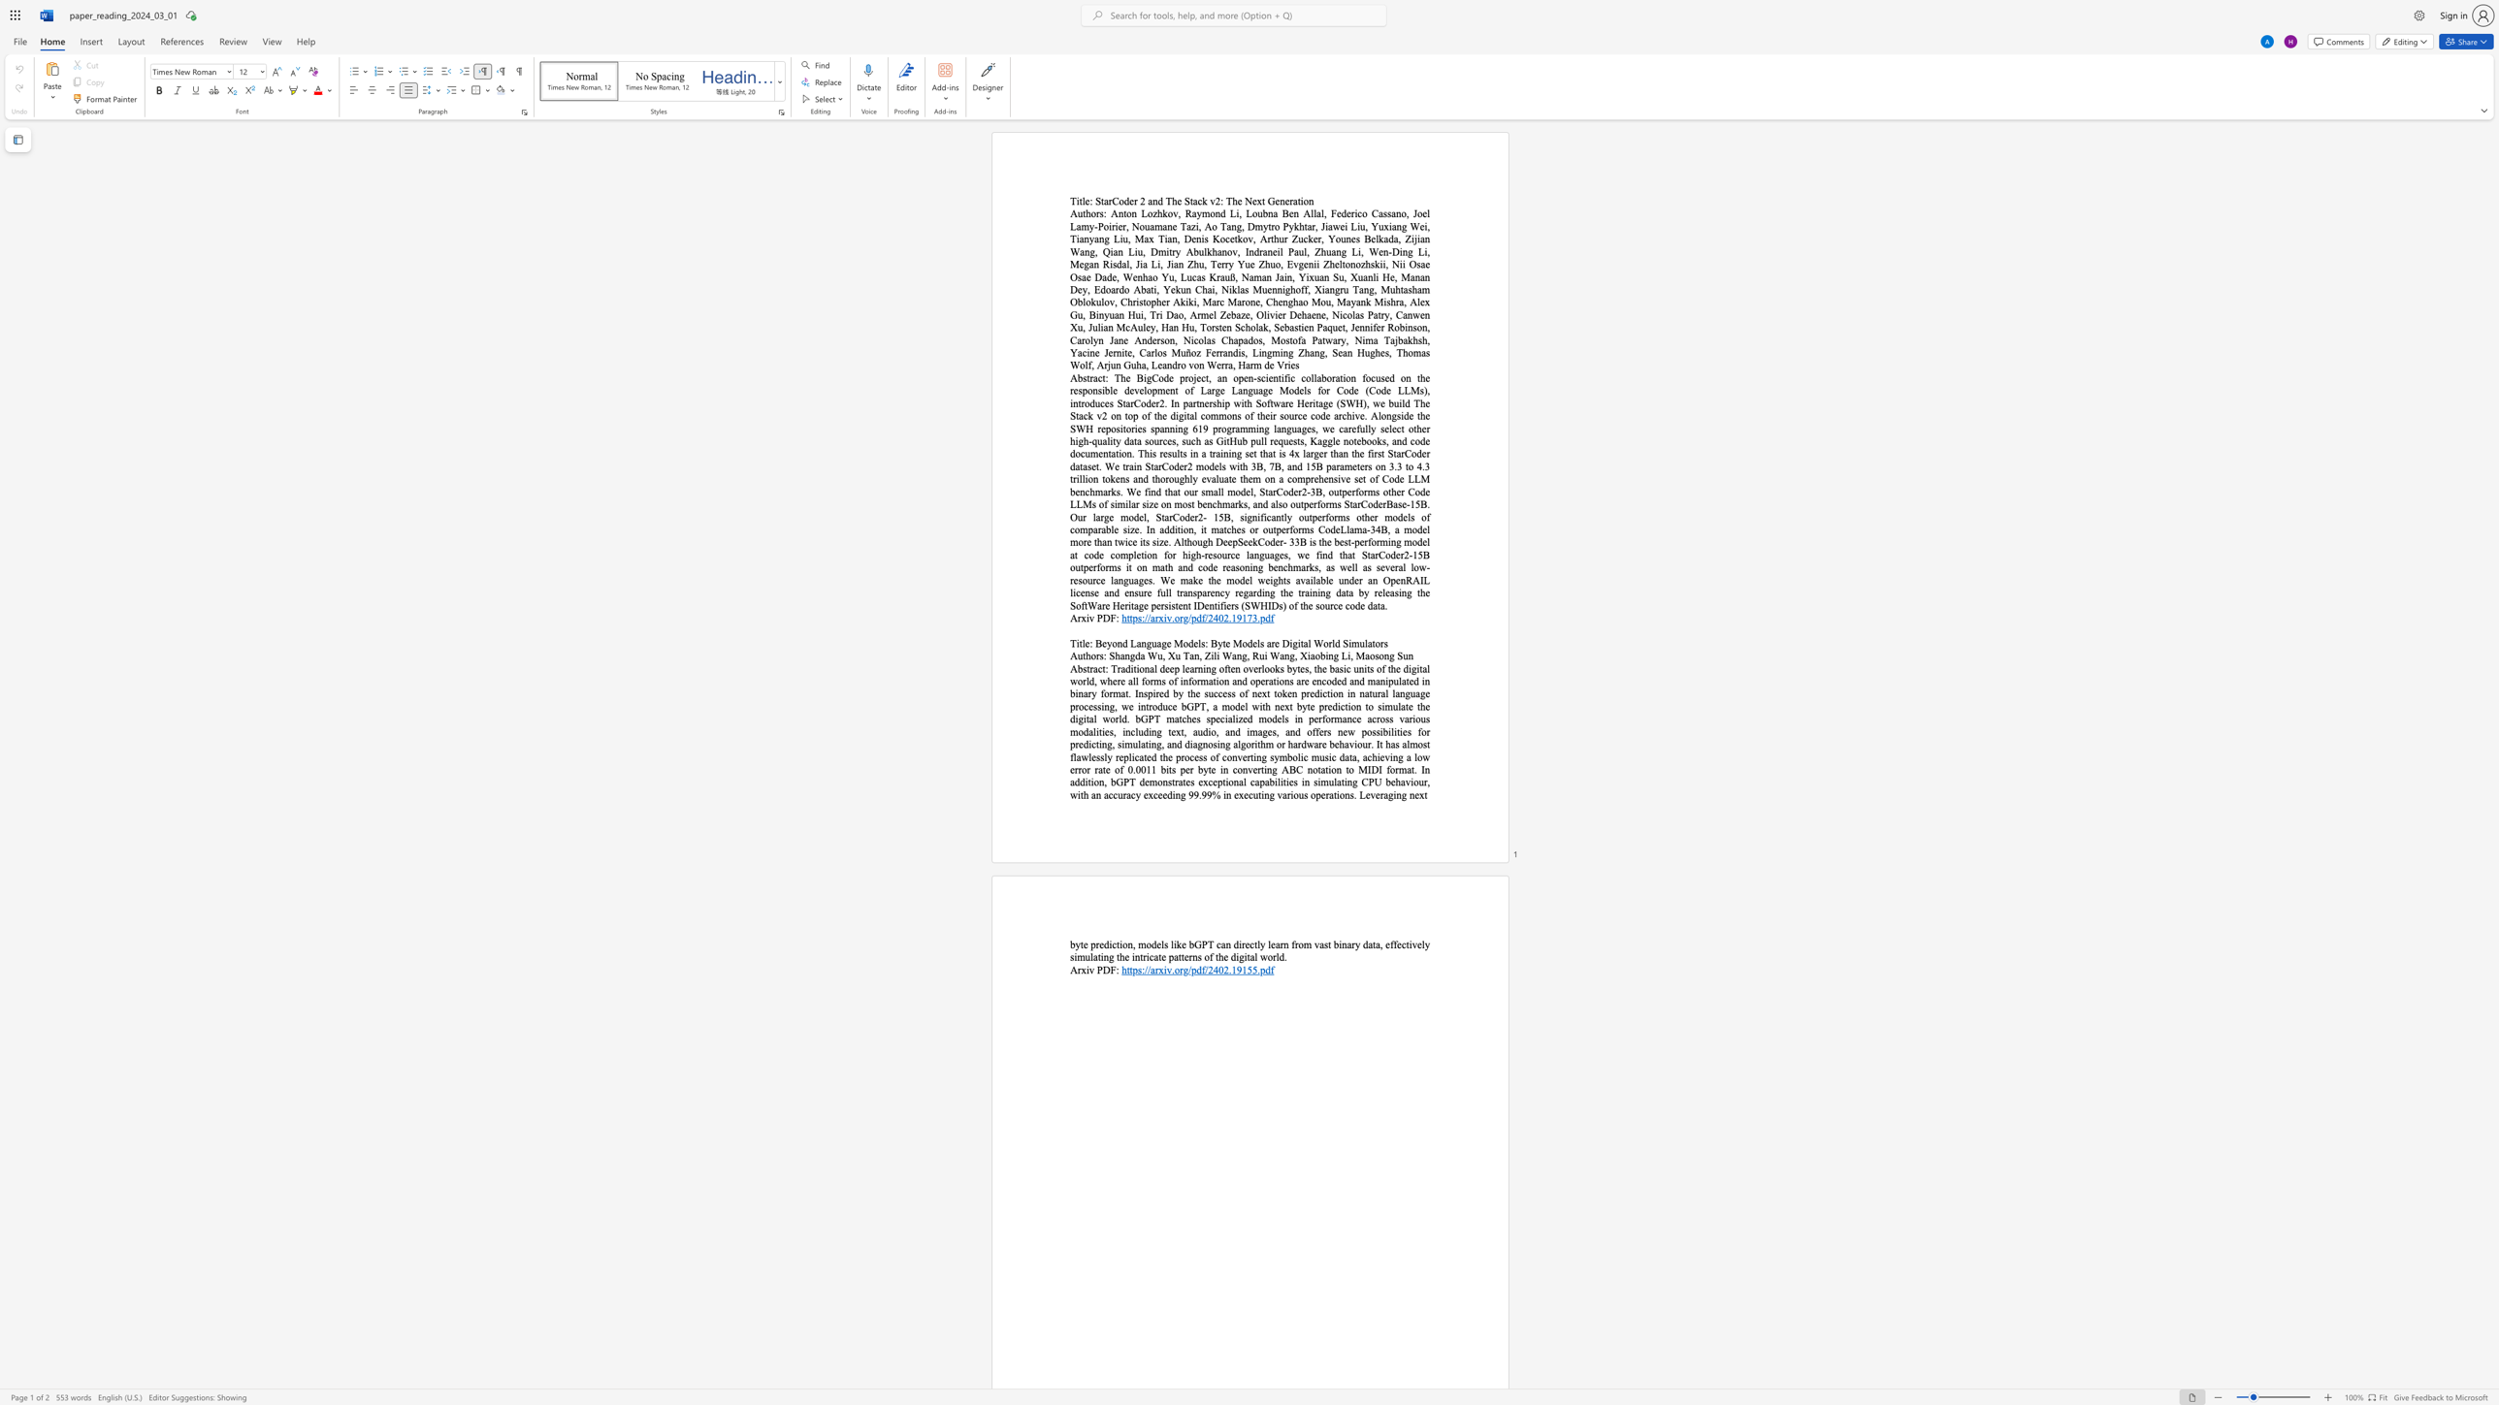  I want to click on the subset text "ing, we introduce bGPT, a model with next byte prediction to simulate the digital world. bGPT matches specialized models in performance across various modalities, including text, audio, and images, and offers new possibilities for predicting, simulating, and diagnosing algorithm or hardware b" within the text "Traditional deep learning often overlooks bytes, the basic units of the digital world, where all forms of information and operations are encoded and manipulated in binary format. Inspired by the success of next token prediction in natural language processing, we introduce bGPT, a model with next byte prediction to simulate the digital world. bGPT matches specialized models in performance across various modalities, including text, audio, and images, and offers new possibilities for predicting, simulating, and diagnosing algorithm or hardware behaviour. It has almost flawlessly", so click(1100, 705).